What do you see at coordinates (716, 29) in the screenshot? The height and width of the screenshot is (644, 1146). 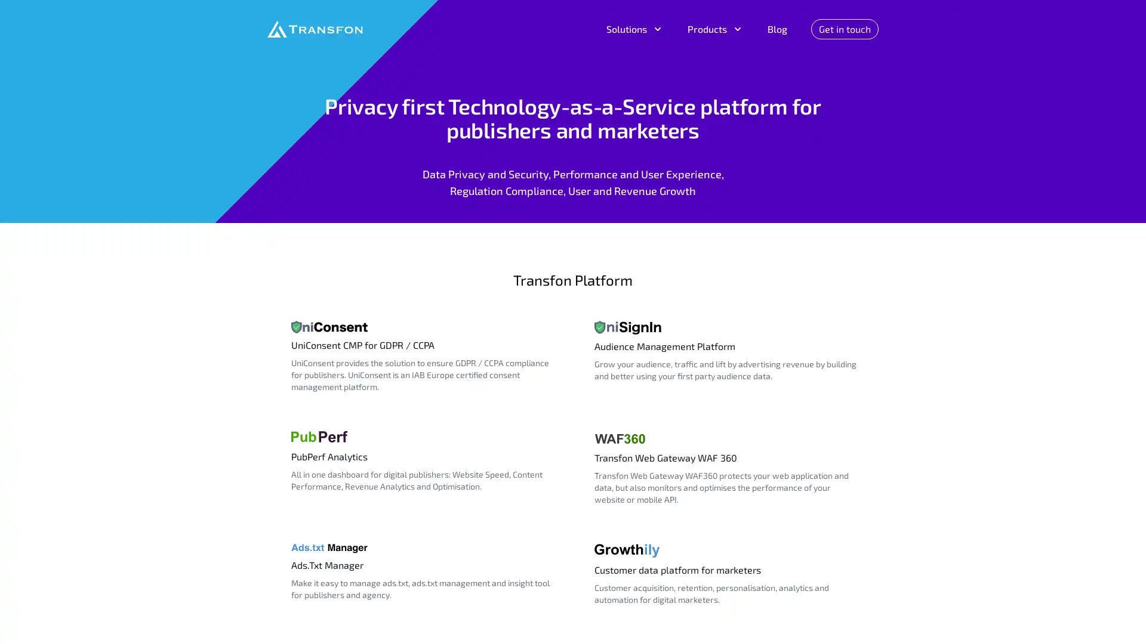 I see `Products` at bounding box center [716, 29].